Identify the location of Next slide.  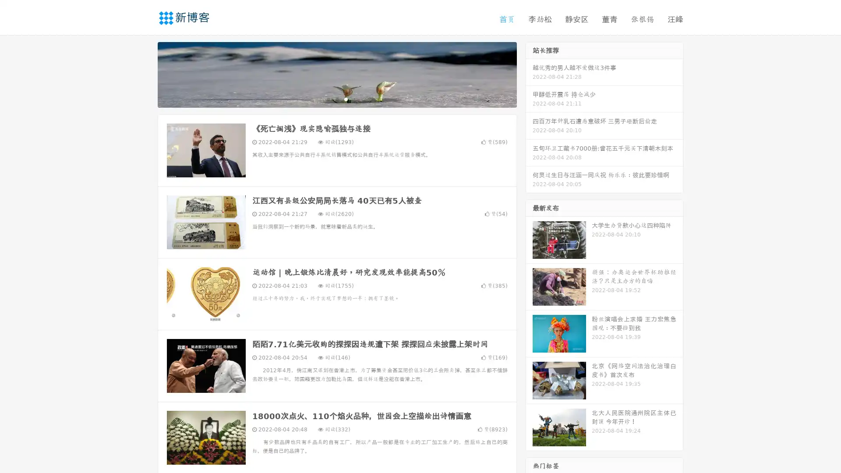
(529, 74).